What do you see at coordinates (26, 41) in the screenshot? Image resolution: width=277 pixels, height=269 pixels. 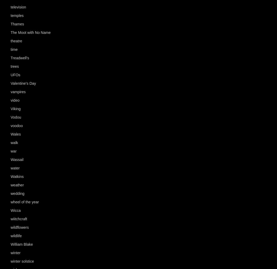 I see `'(35)'` at bounding box center [26, 41].